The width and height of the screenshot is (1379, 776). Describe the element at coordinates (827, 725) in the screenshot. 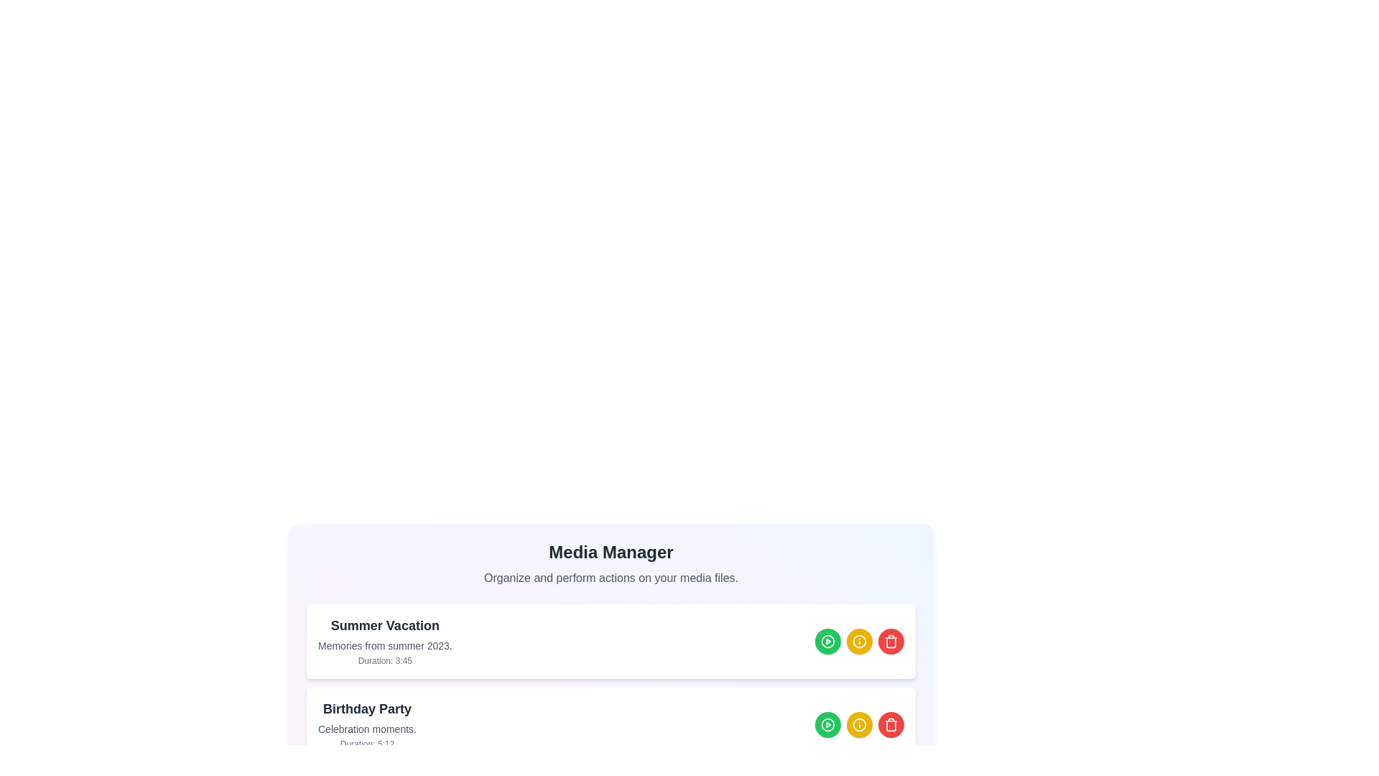

I see `play button for the media item titled 'Birthday Party'` at that location.